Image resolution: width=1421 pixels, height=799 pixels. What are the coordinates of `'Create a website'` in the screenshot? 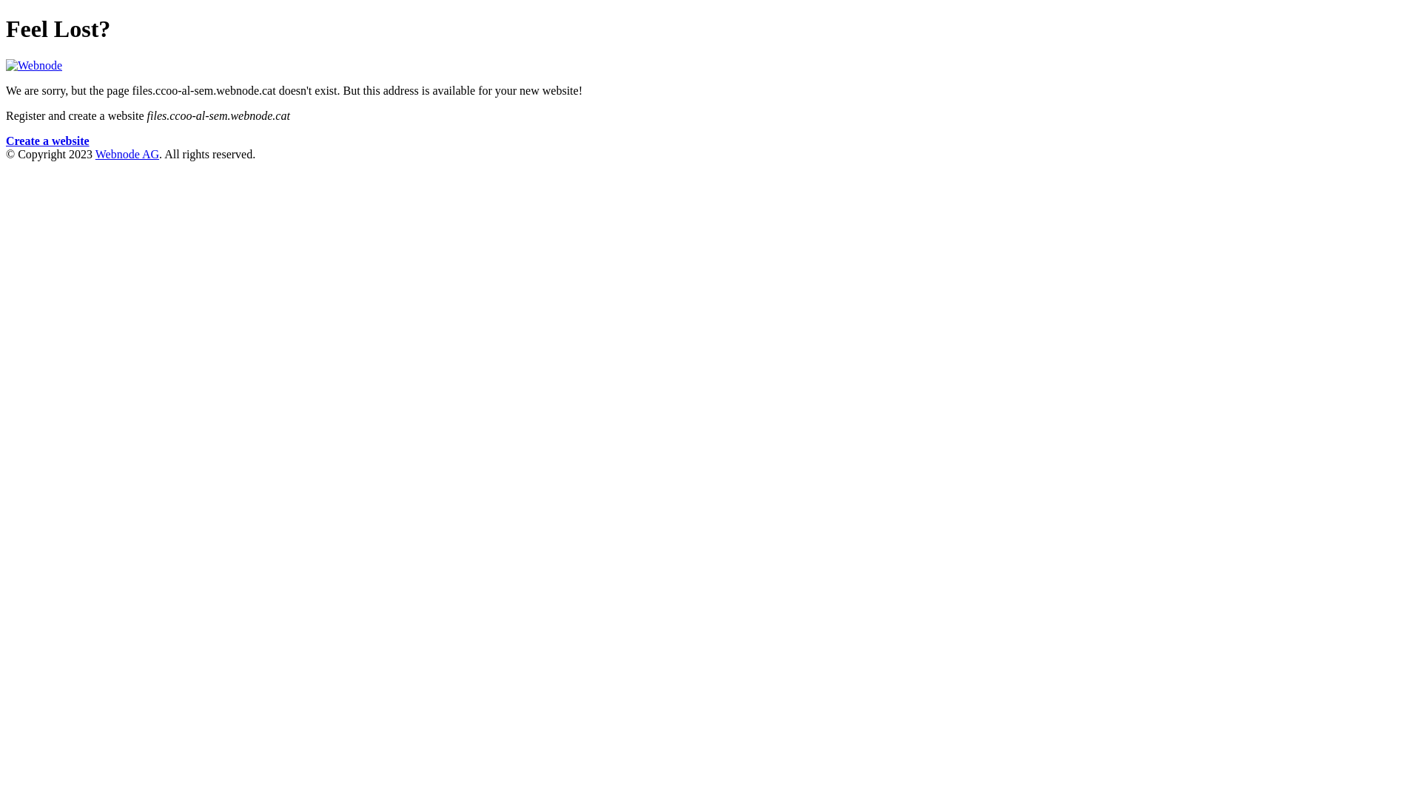 It's located at (47, 141).